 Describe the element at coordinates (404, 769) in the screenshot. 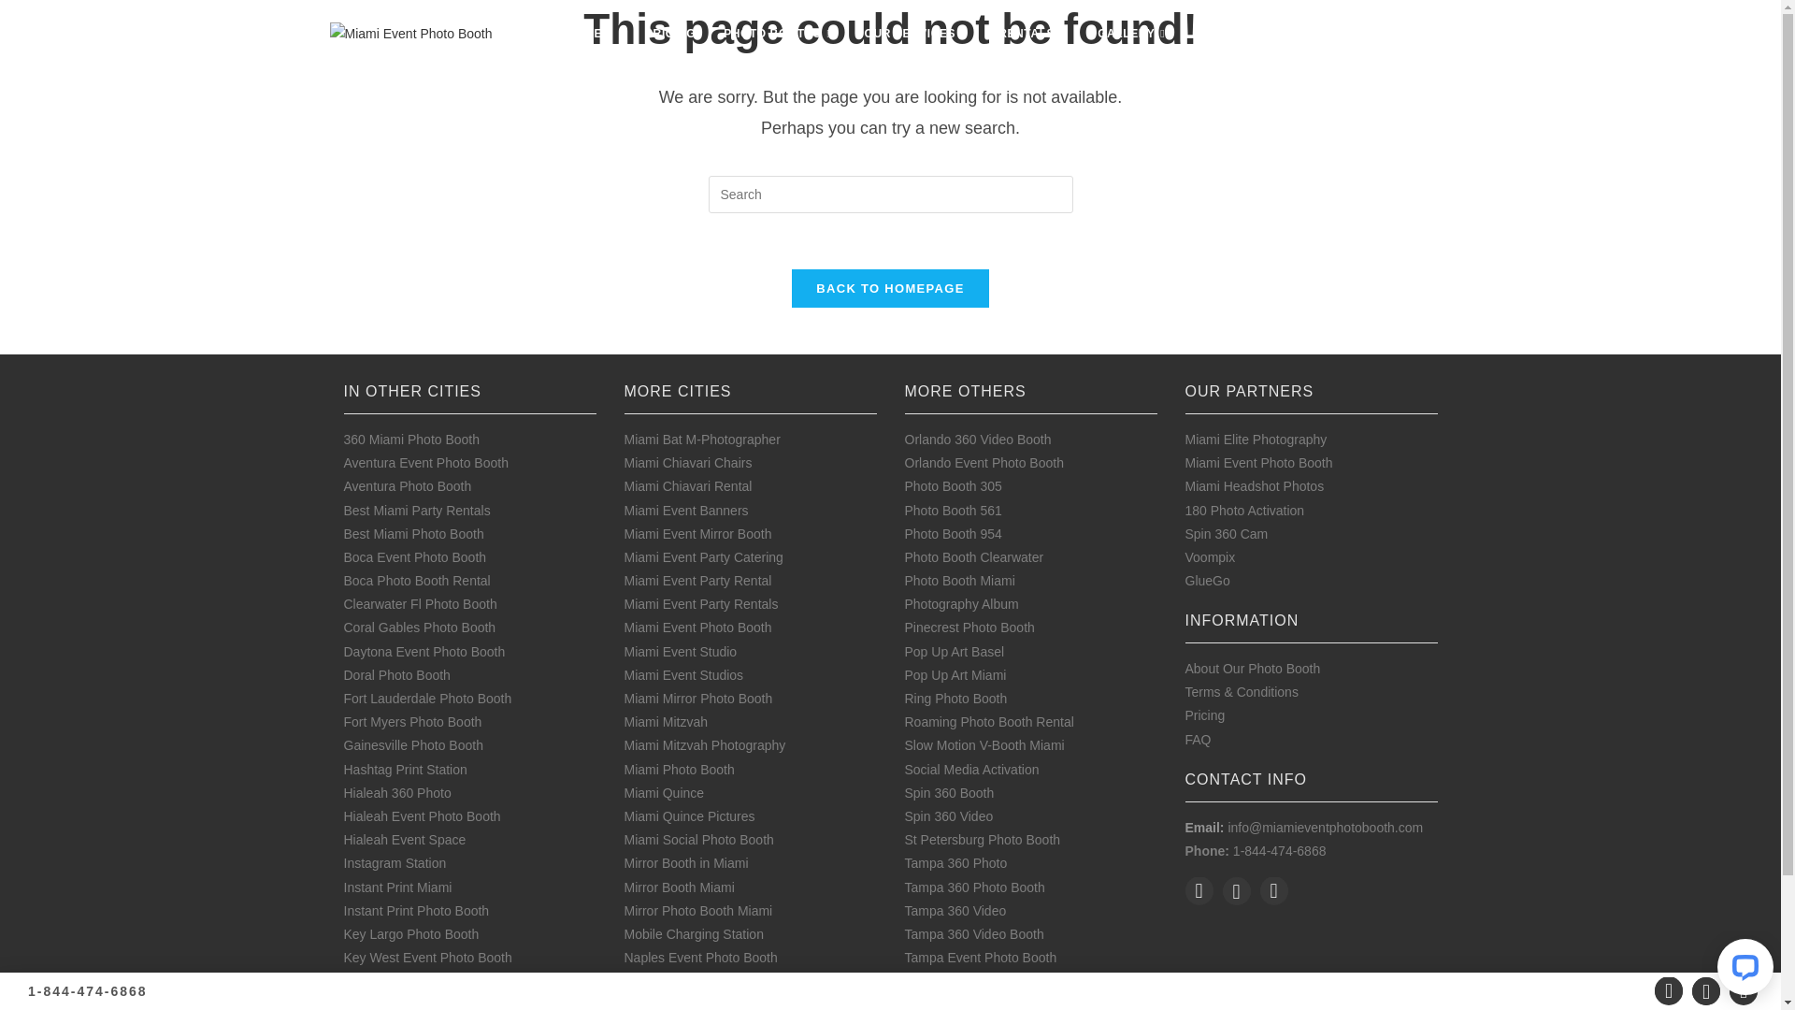

I see `'Hashtag Print Station'` at that location.